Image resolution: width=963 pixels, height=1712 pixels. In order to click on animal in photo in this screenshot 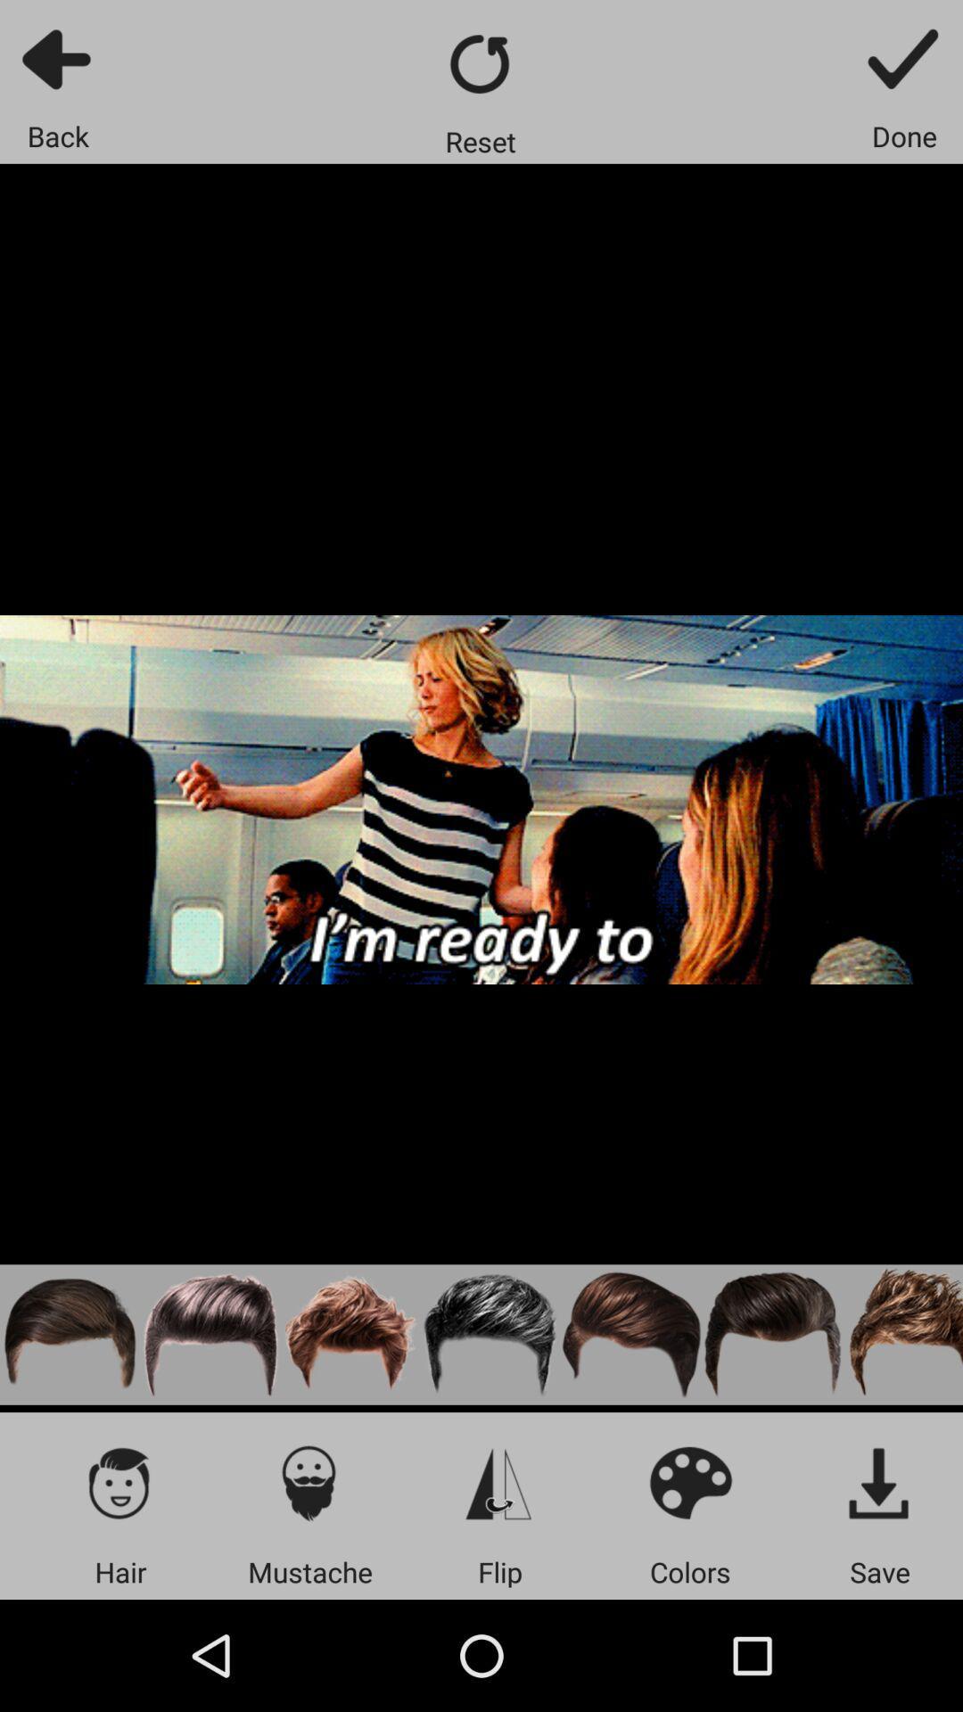, I will do `click(902, 1335)`.